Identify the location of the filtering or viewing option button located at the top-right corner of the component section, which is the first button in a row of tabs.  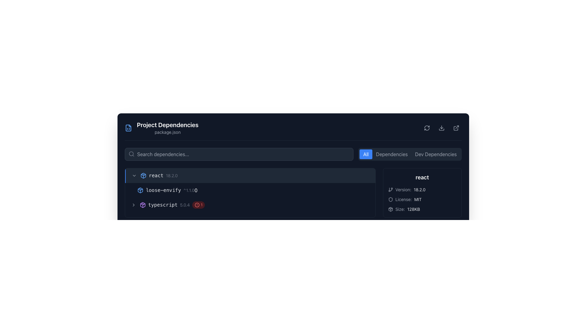
(366, 154).